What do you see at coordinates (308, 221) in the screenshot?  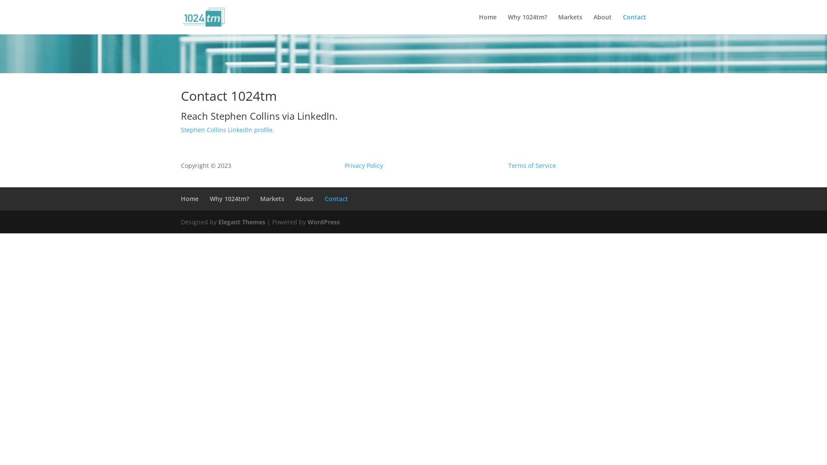 I see `'WordPress'` at bounding box center [308, 221].